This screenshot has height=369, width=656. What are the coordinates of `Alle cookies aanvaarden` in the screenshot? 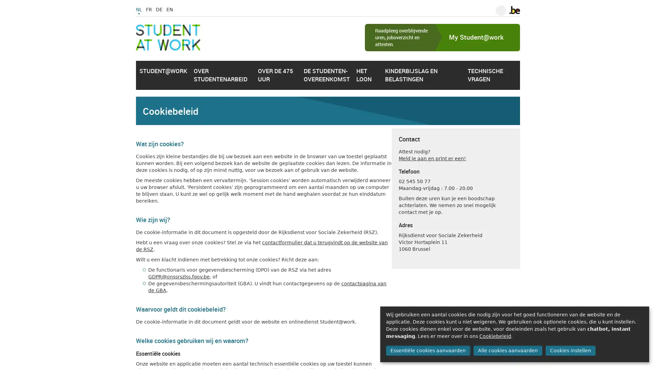 It's located at (507, 351).